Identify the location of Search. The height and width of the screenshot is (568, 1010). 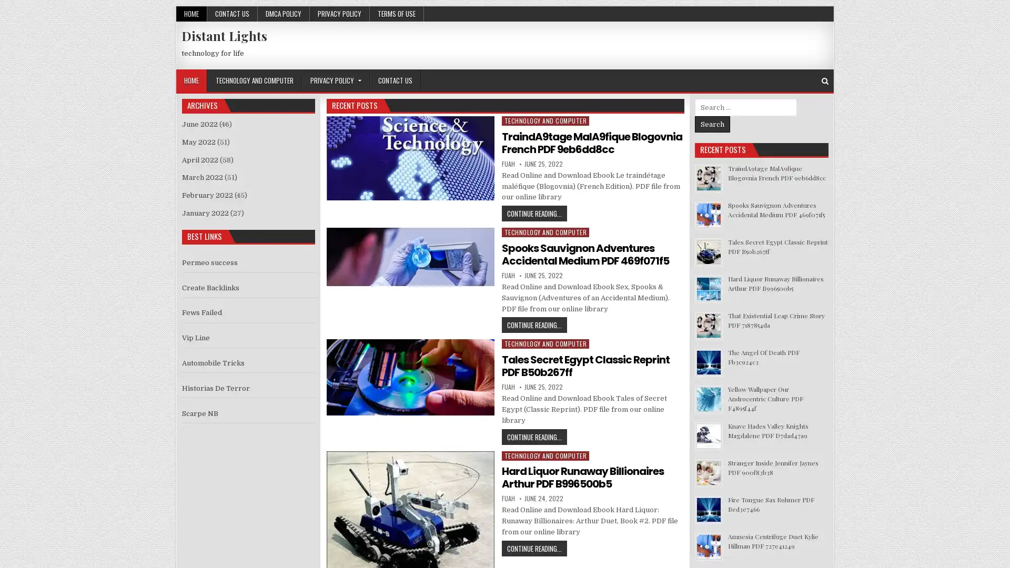
(712, 124).